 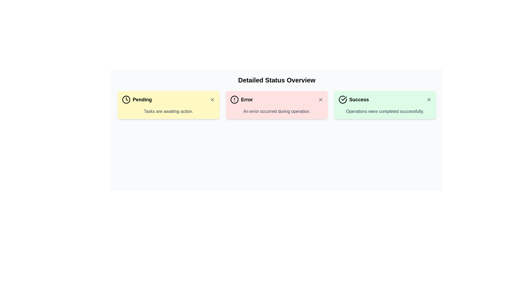 What do you see at coordinates (320, 100) in the screenshot?
I see `the close button located at the top-right corner of the 'Error' status card` at bounding box center [320, 100].